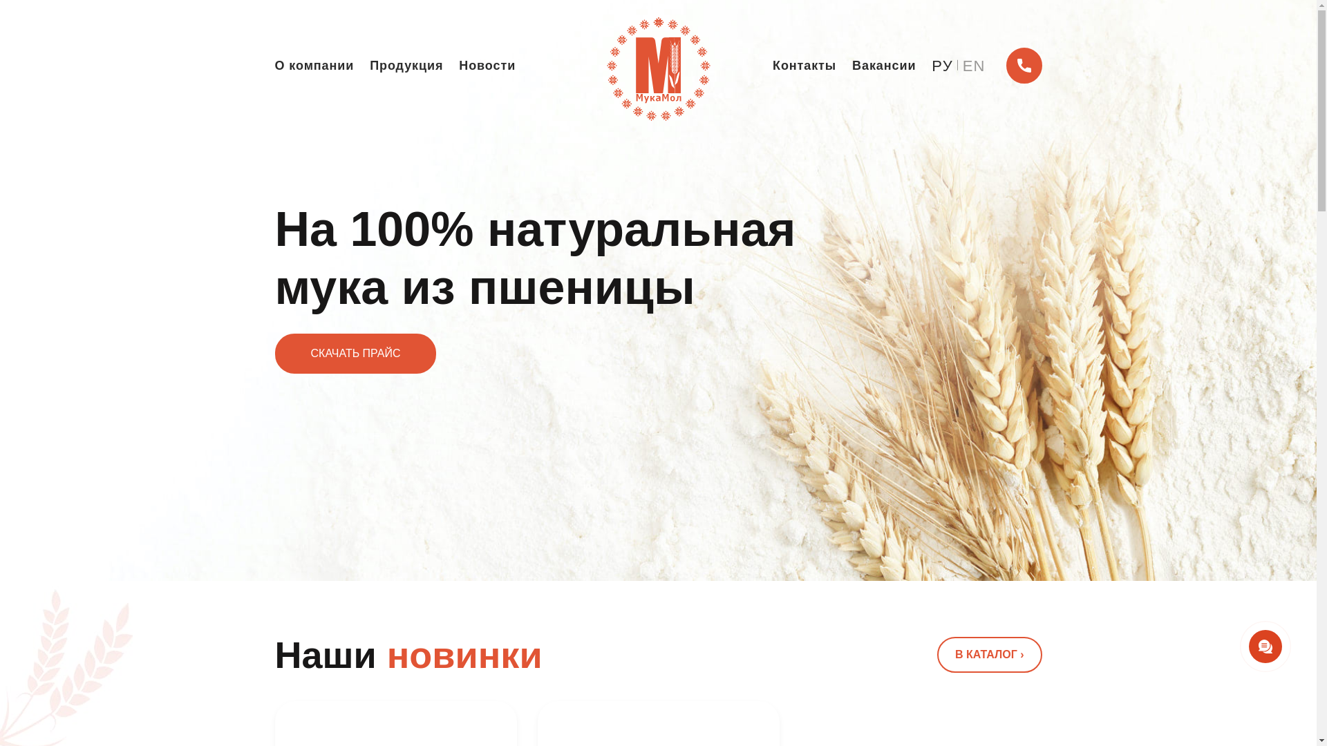 Image resolution: width=1327 pixels, height=746 pixels. What do you see at coordinates (957, 65) in the screenshot?
I see `'EN'` at bounding box center [957, 65].